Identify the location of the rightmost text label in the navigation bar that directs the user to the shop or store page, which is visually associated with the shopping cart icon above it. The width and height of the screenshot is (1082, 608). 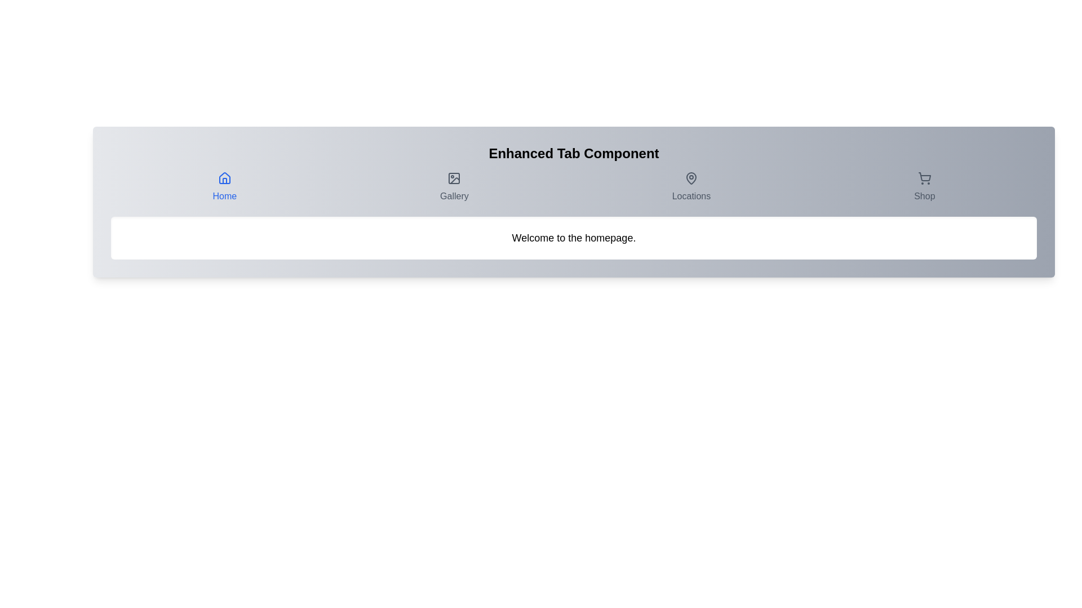
(924, 195).